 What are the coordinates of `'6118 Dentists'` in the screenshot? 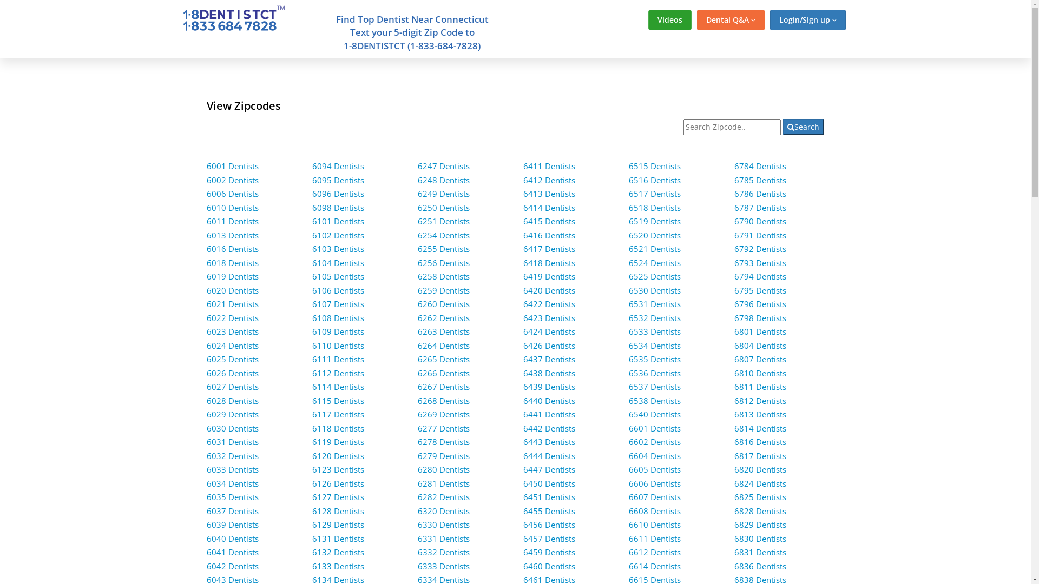 It's located at (337, 427).